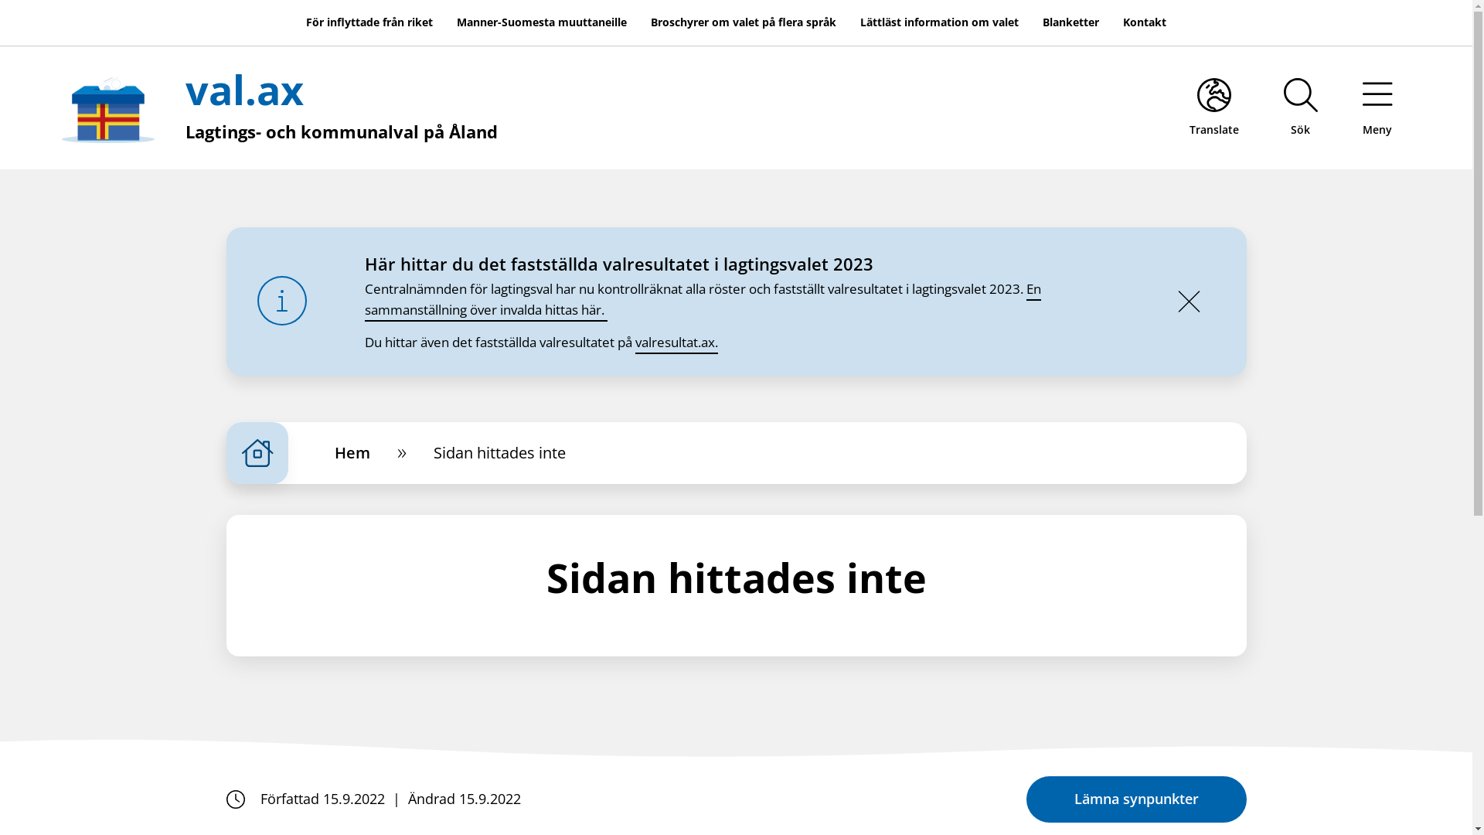 The height and width of the screenshot is (835, 1484). I want to click on 'Blanketter', so click(1070, 22).